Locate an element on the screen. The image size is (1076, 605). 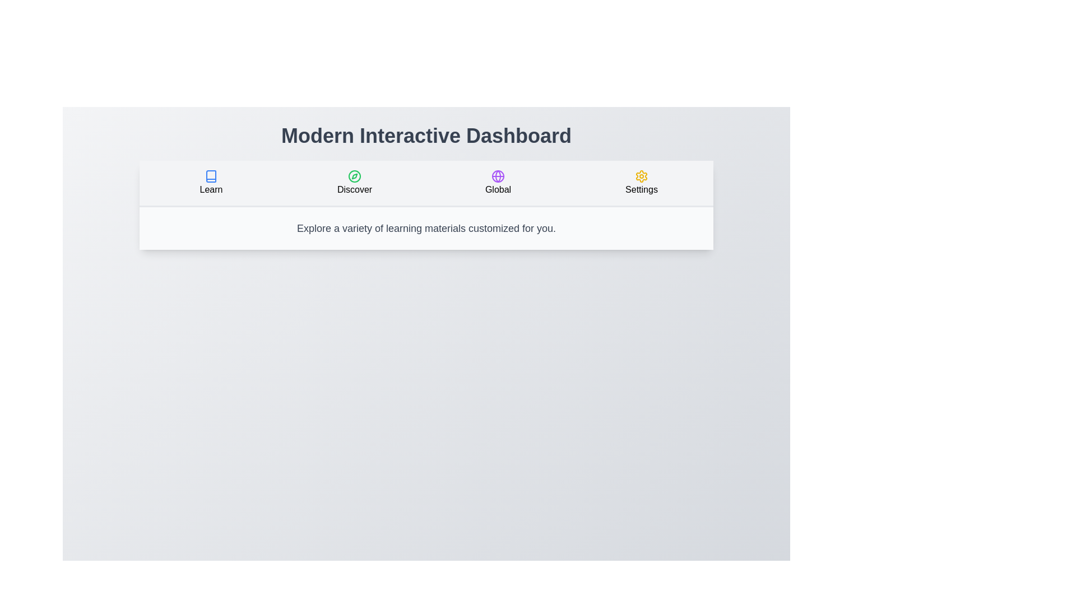
the 'Discover' navigation tab located in the middle second position of the horizontal navigation bar is located at coordinates (354, 183).